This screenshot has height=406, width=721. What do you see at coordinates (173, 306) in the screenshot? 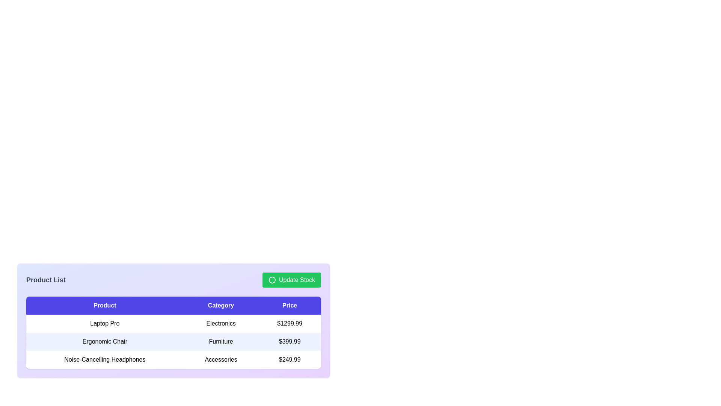
I see `the table header row displaying 'Product', 'Category', and 'Price'` at bounding box center [173, 306].